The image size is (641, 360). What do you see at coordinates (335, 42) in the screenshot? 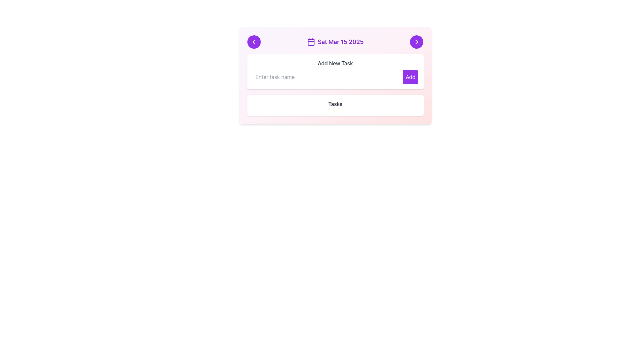
I see `the label displaying the date 'Sat Mar 15 2025' with a calendar icon, located in the upper header section between the left and right chevron buttons` at bounding box center [335, 42].